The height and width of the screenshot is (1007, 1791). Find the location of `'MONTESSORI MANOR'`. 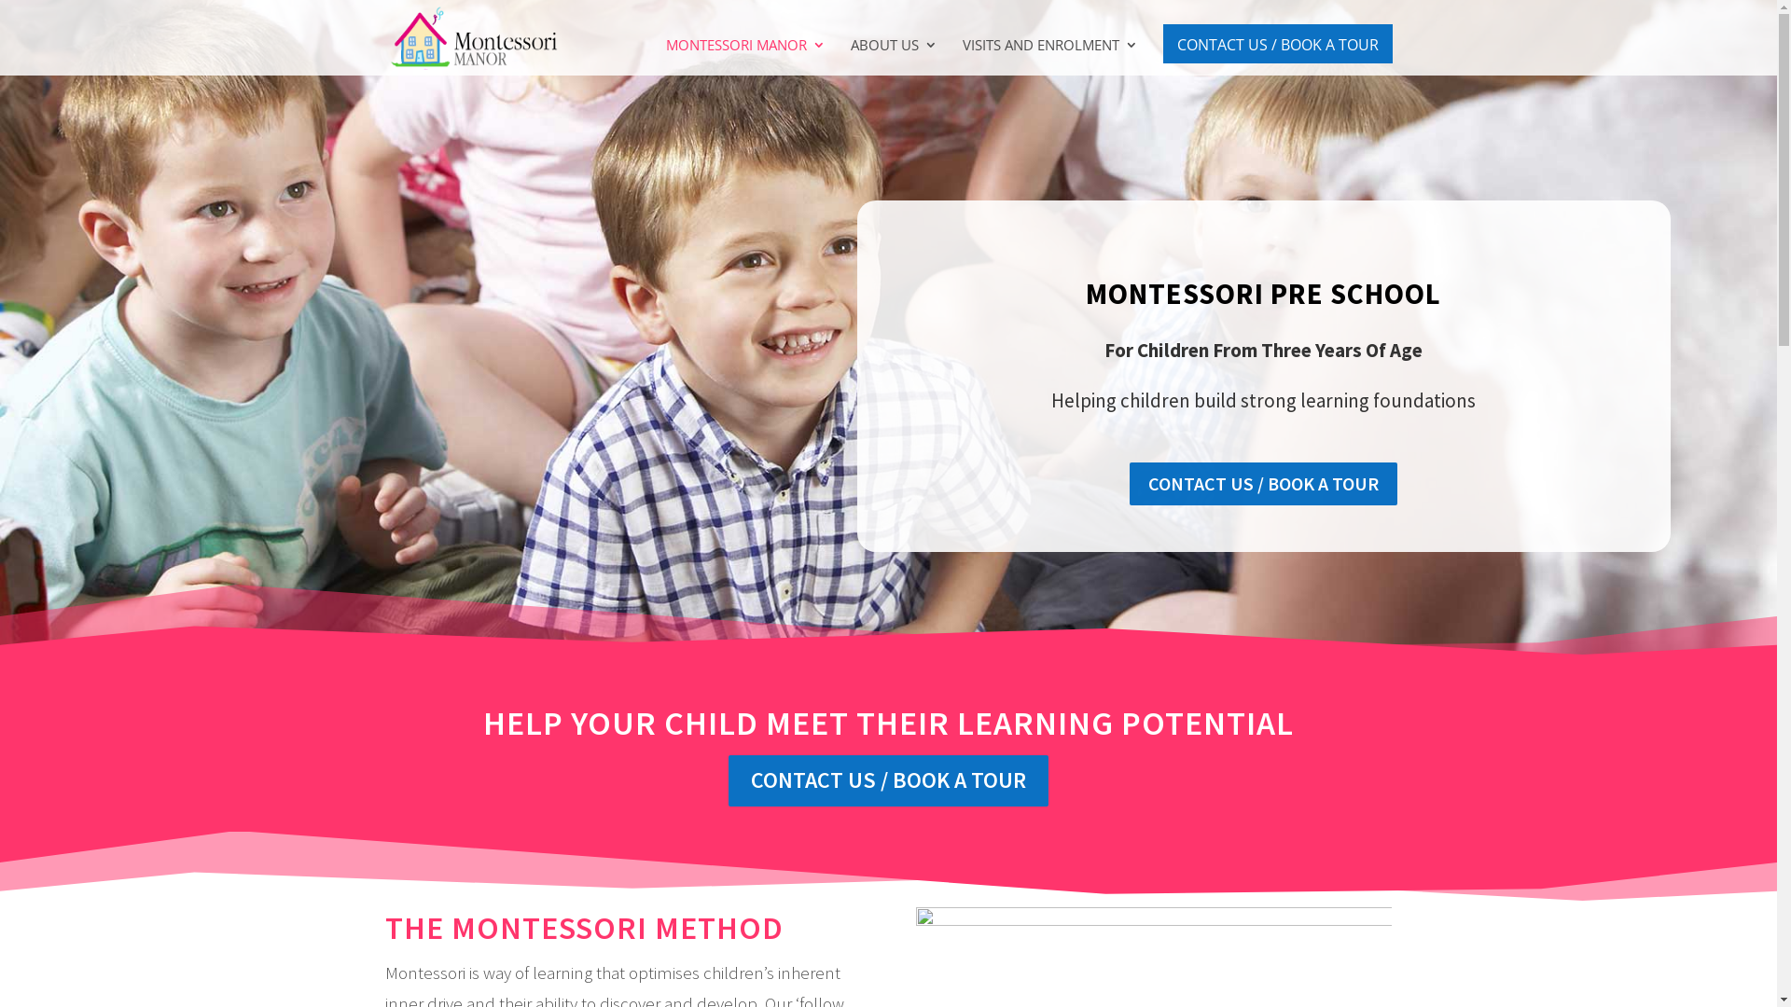

'MONTESSORI MANOR' is located at coordinates (666, 56).